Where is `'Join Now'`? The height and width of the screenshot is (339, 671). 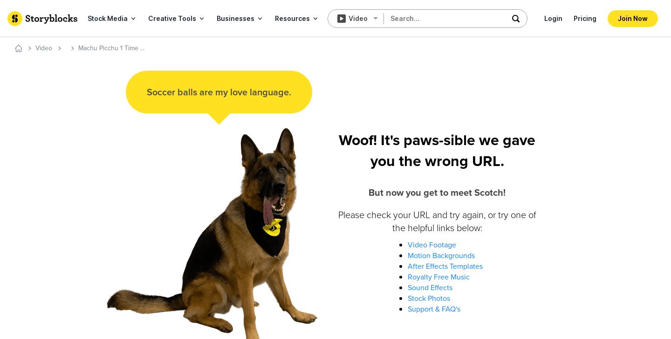
'Join Now' is located at coordinates (632, 17).